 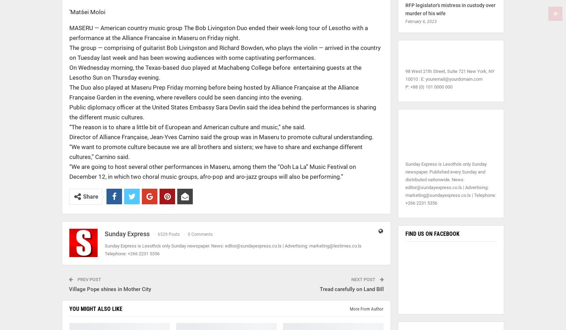 I want to click on 'More from author', so click(x=366, y=308).